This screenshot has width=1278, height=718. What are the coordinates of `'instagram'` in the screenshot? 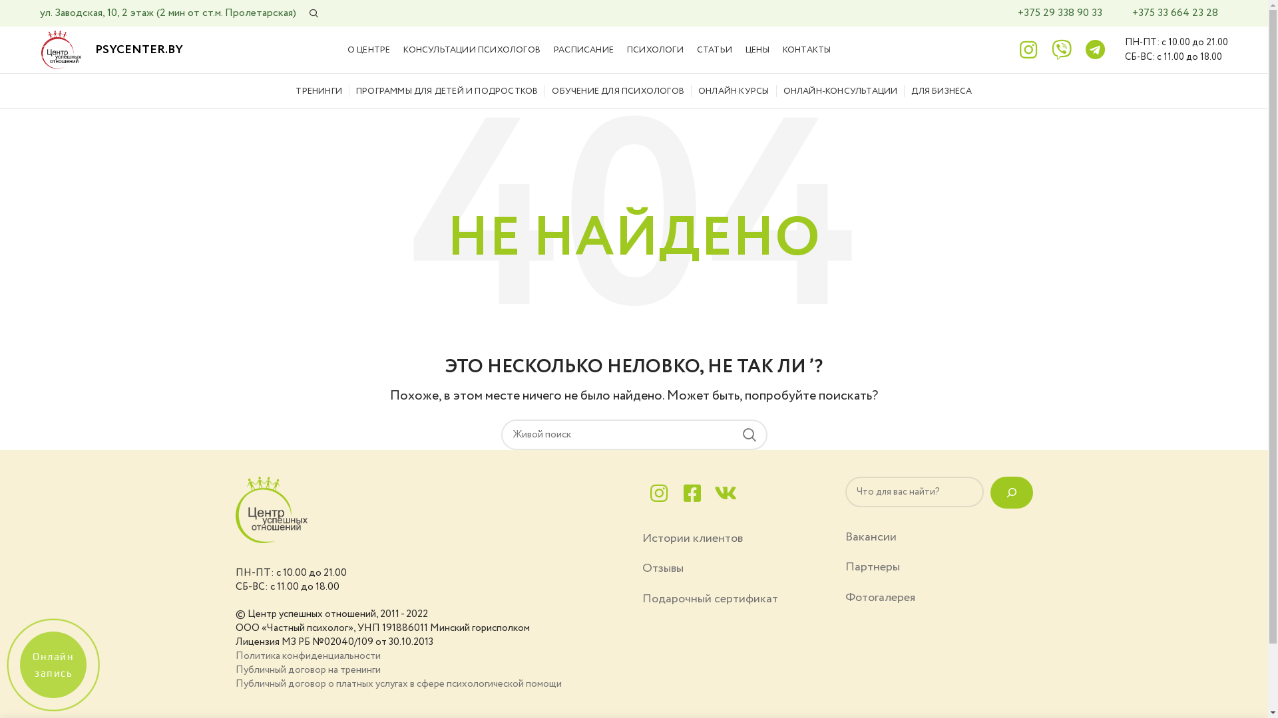 It's located at (658, 493).